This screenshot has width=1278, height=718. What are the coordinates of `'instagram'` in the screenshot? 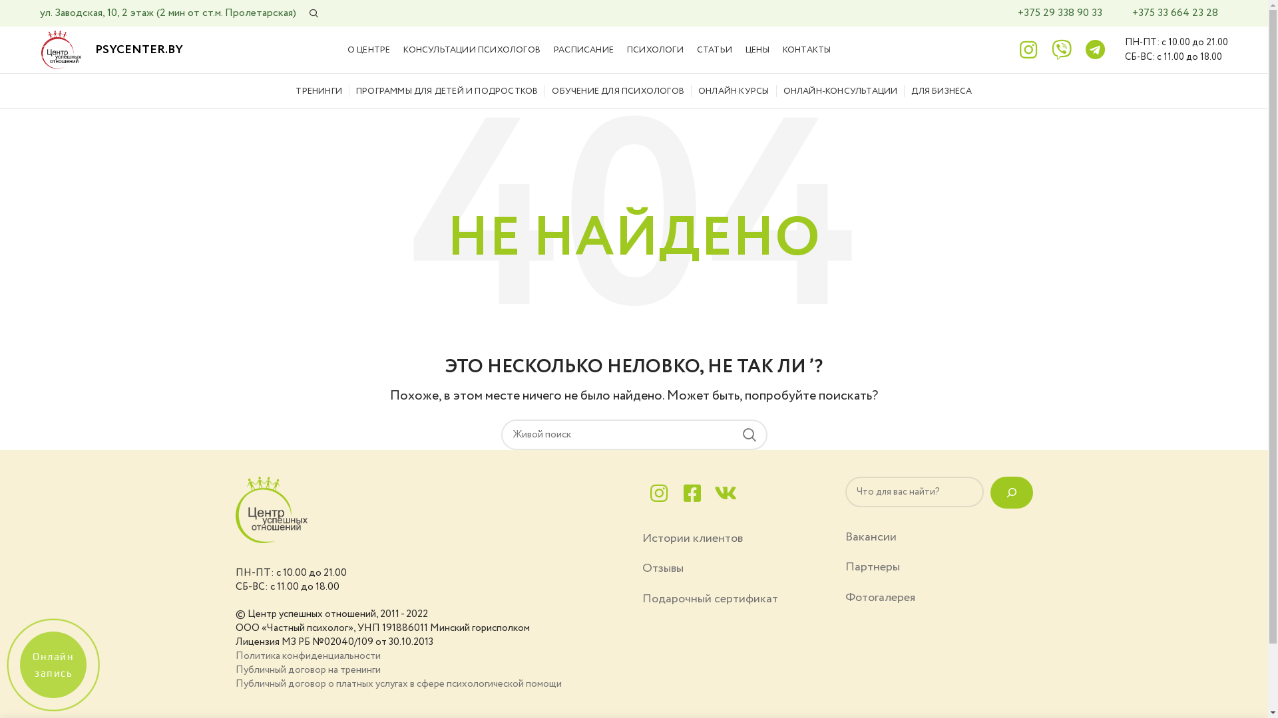 It's located at (658, 493).